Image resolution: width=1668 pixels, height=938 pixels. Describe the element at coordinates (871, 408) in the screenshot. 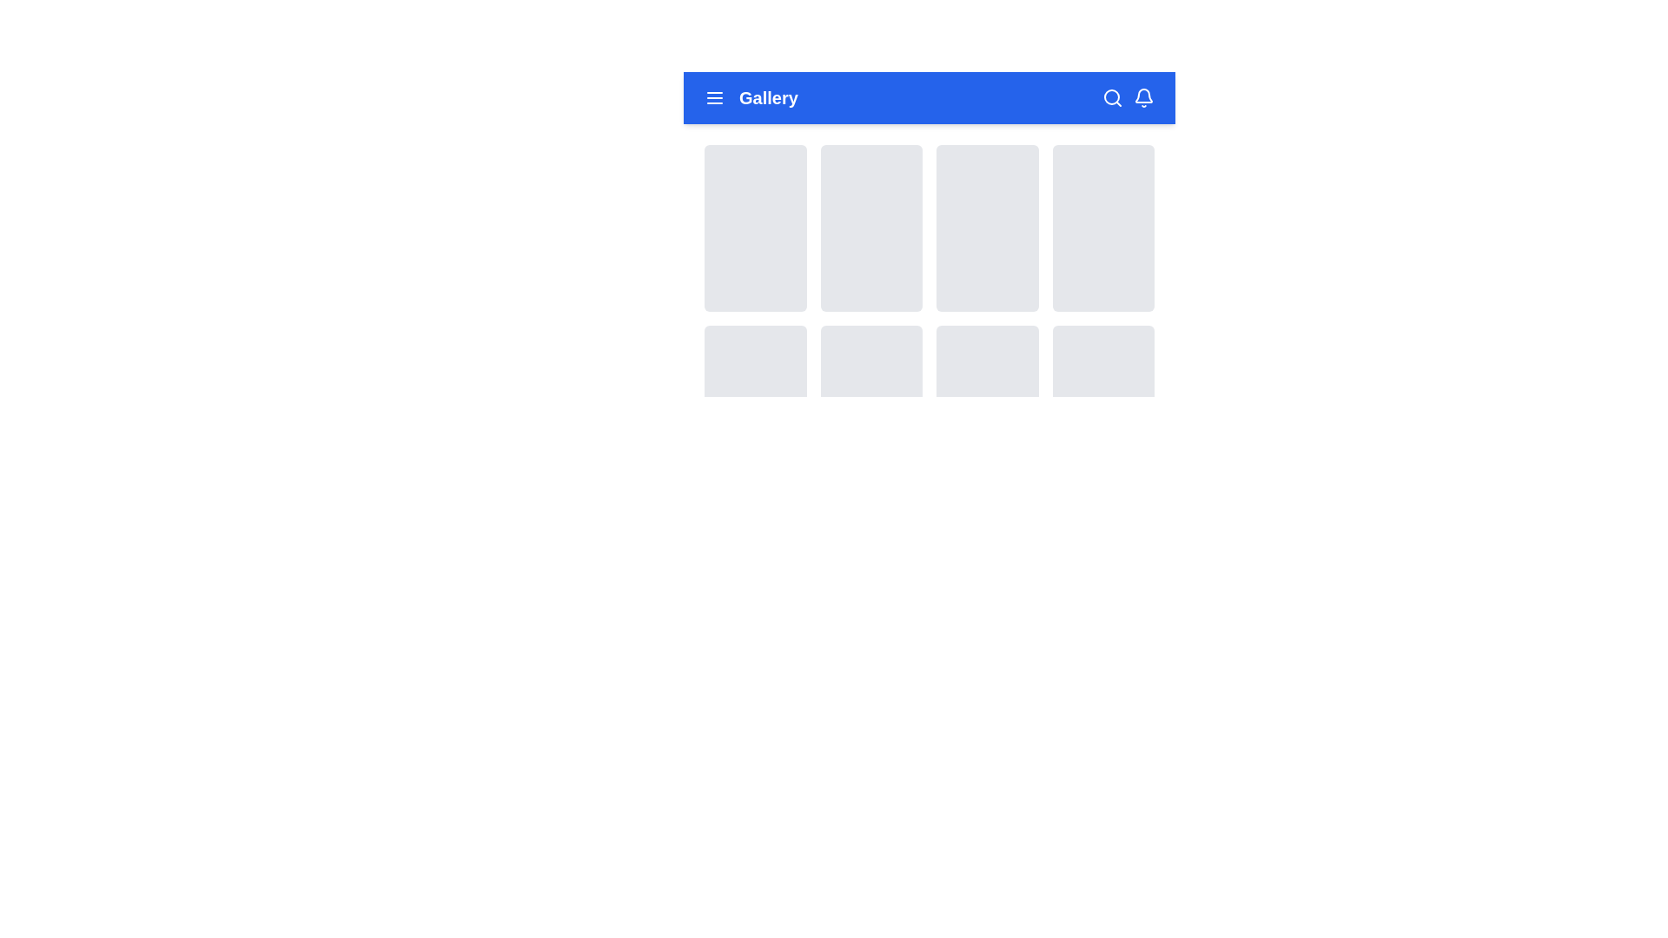

I see `the button located in the ninth grid cell of a 3-row gallery layout` at that location.